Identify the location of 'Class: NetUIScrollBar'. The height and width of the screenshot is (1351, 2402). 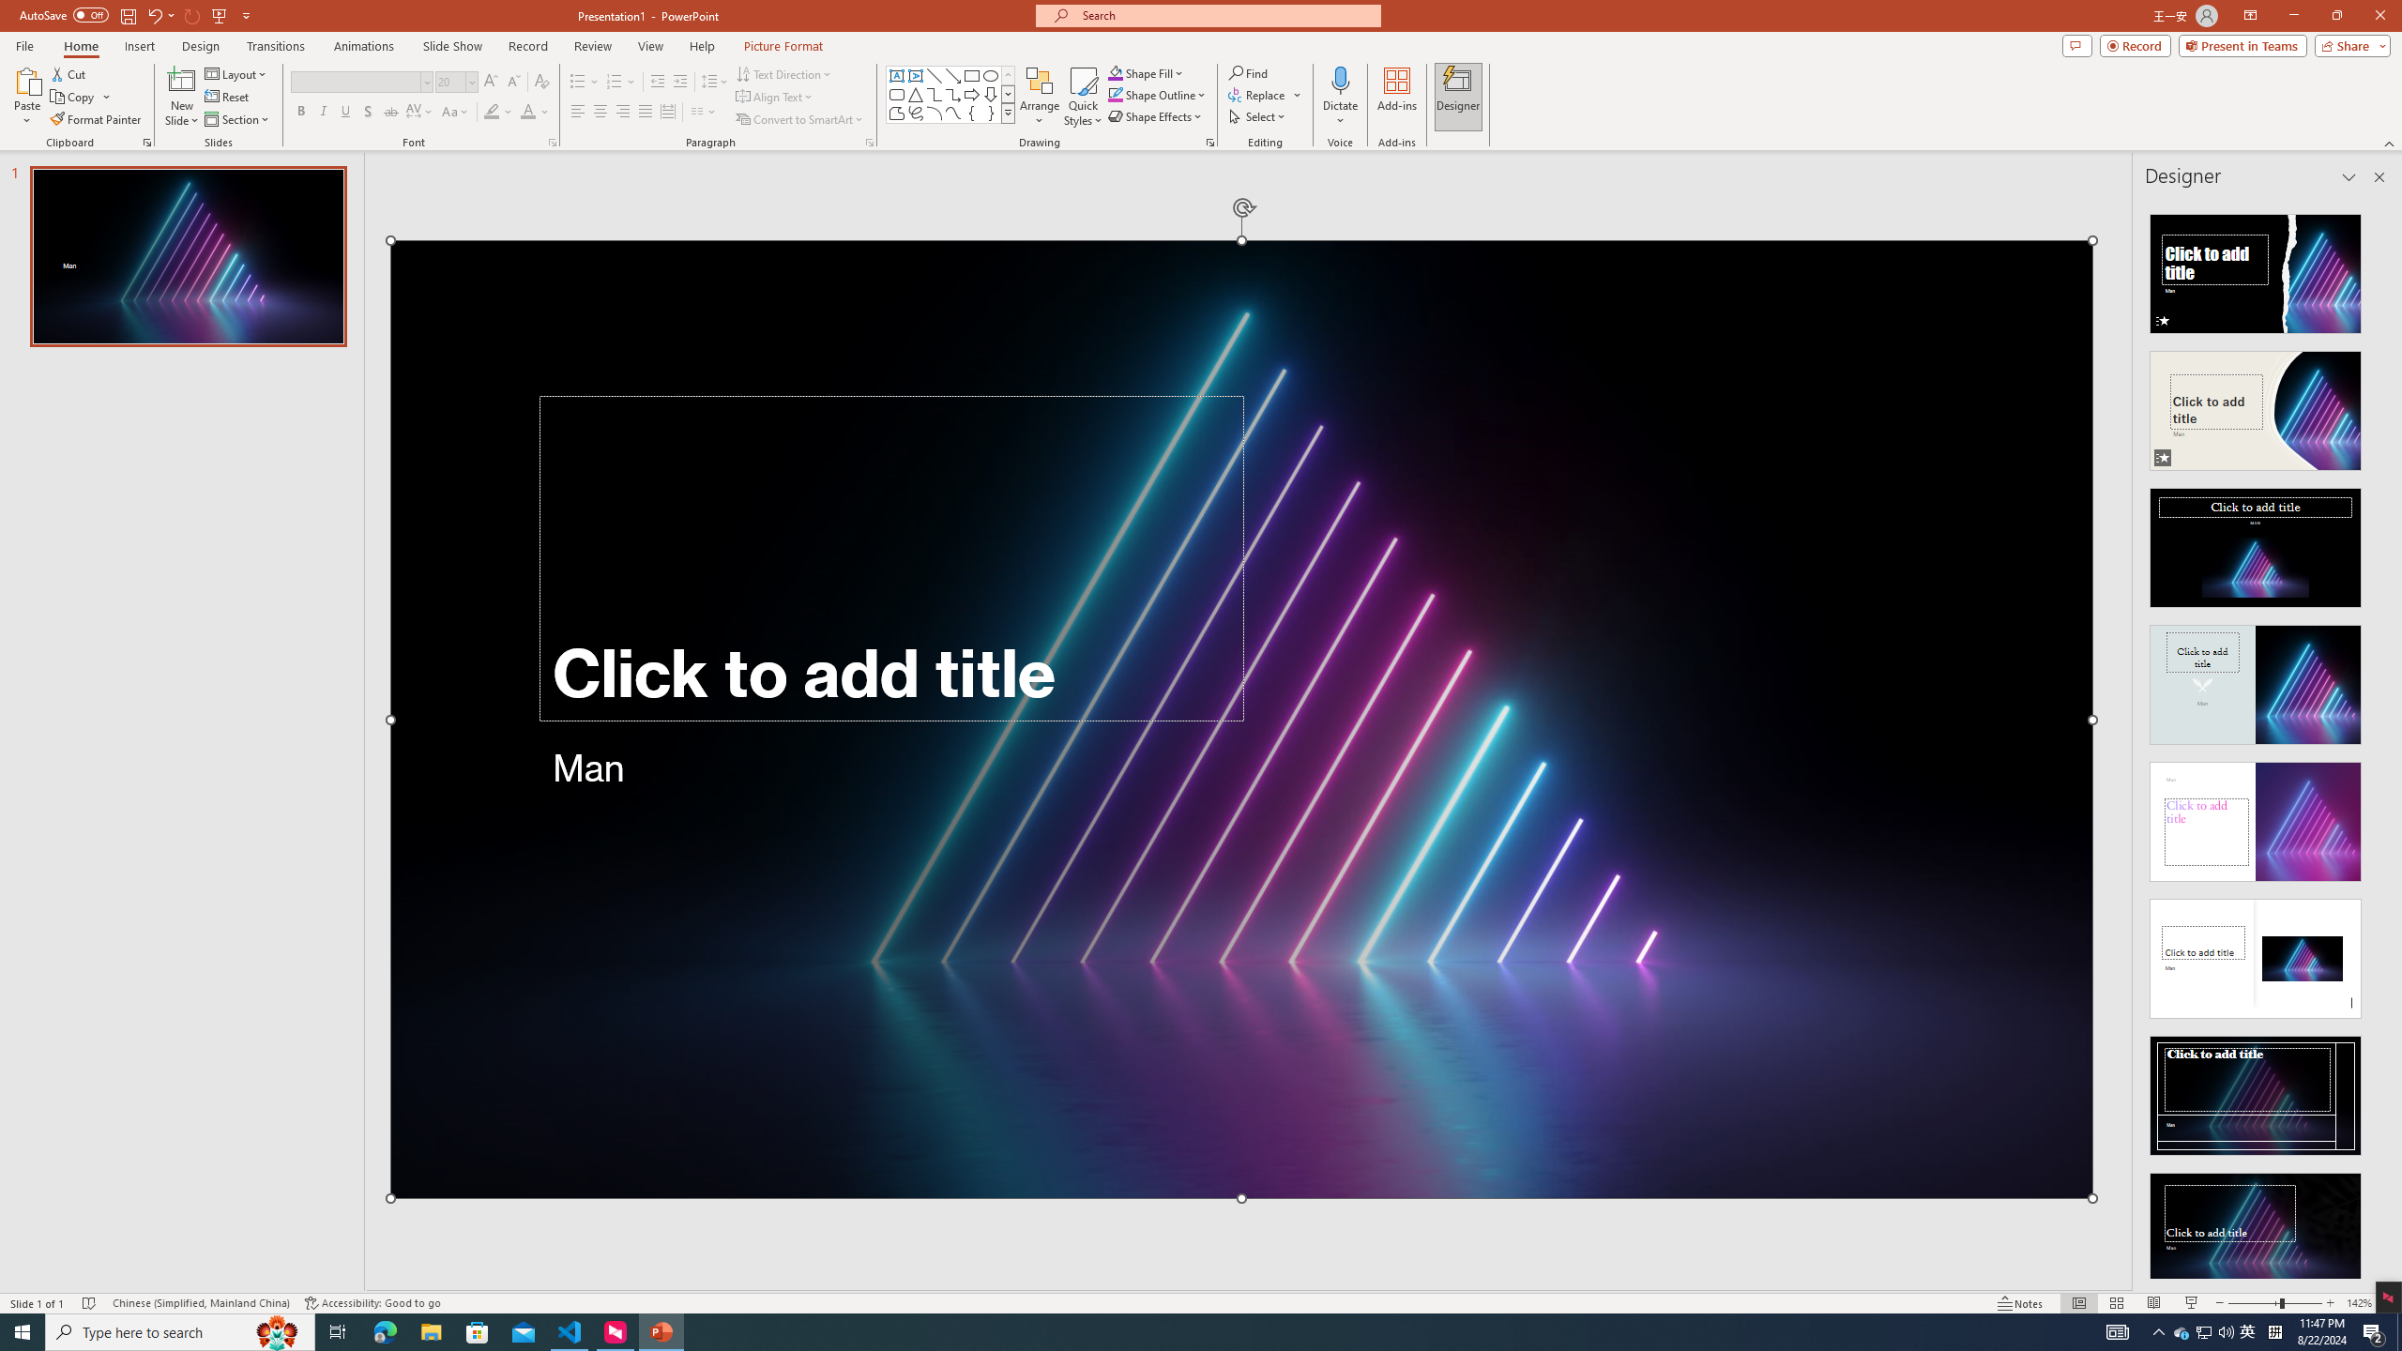
(2377, 737).